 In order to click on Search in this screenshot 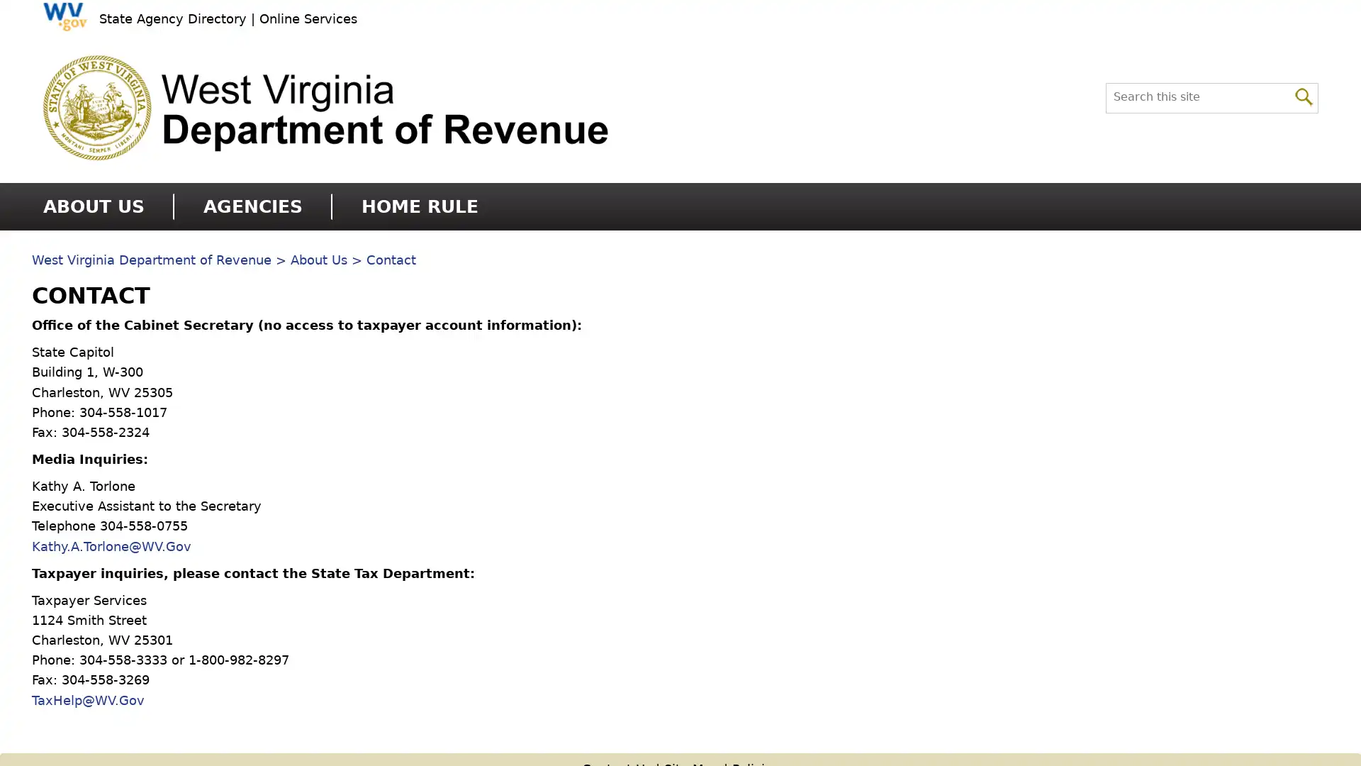, I will do `click(1304, 95)`.